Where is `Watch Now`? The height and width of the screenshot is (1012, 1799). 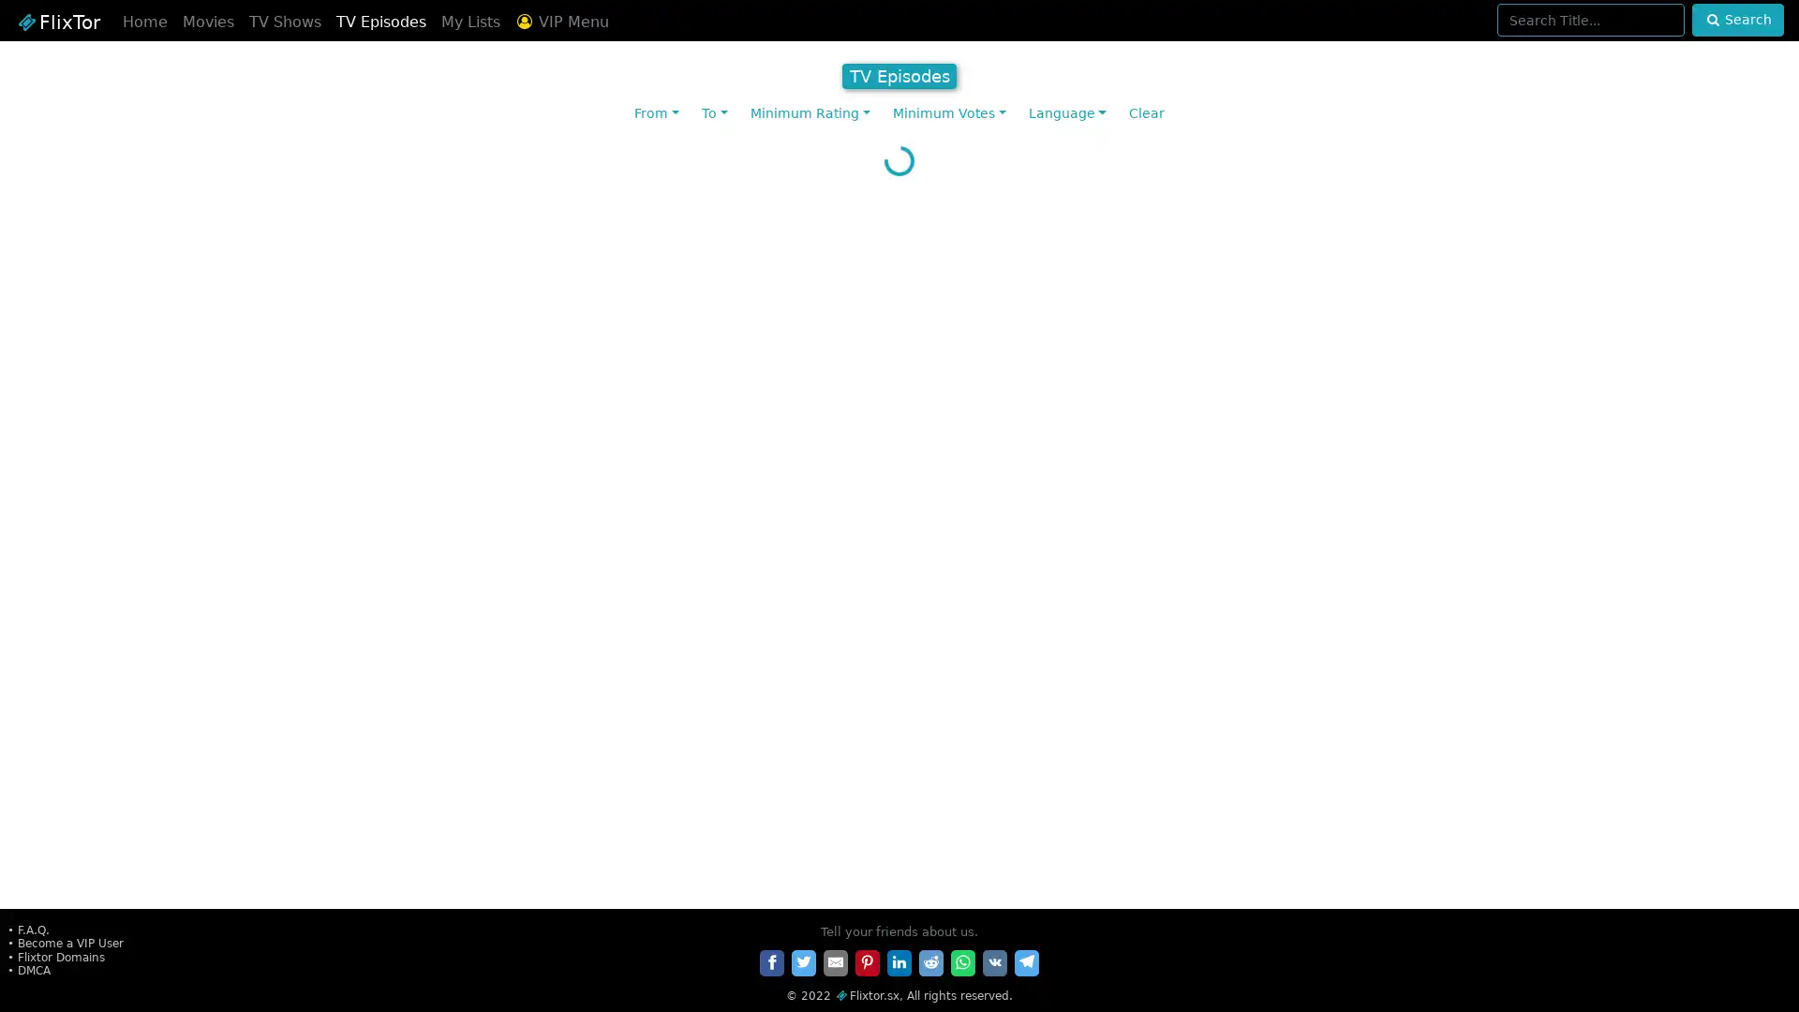
Watch Now is located at coordinates (364, 410).